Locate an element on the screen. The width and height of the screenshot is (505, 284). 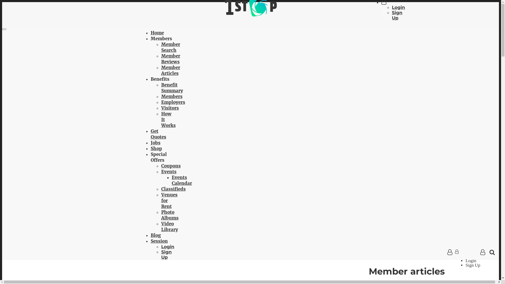
'Events Calendar' is located at coordinates (181, 180).